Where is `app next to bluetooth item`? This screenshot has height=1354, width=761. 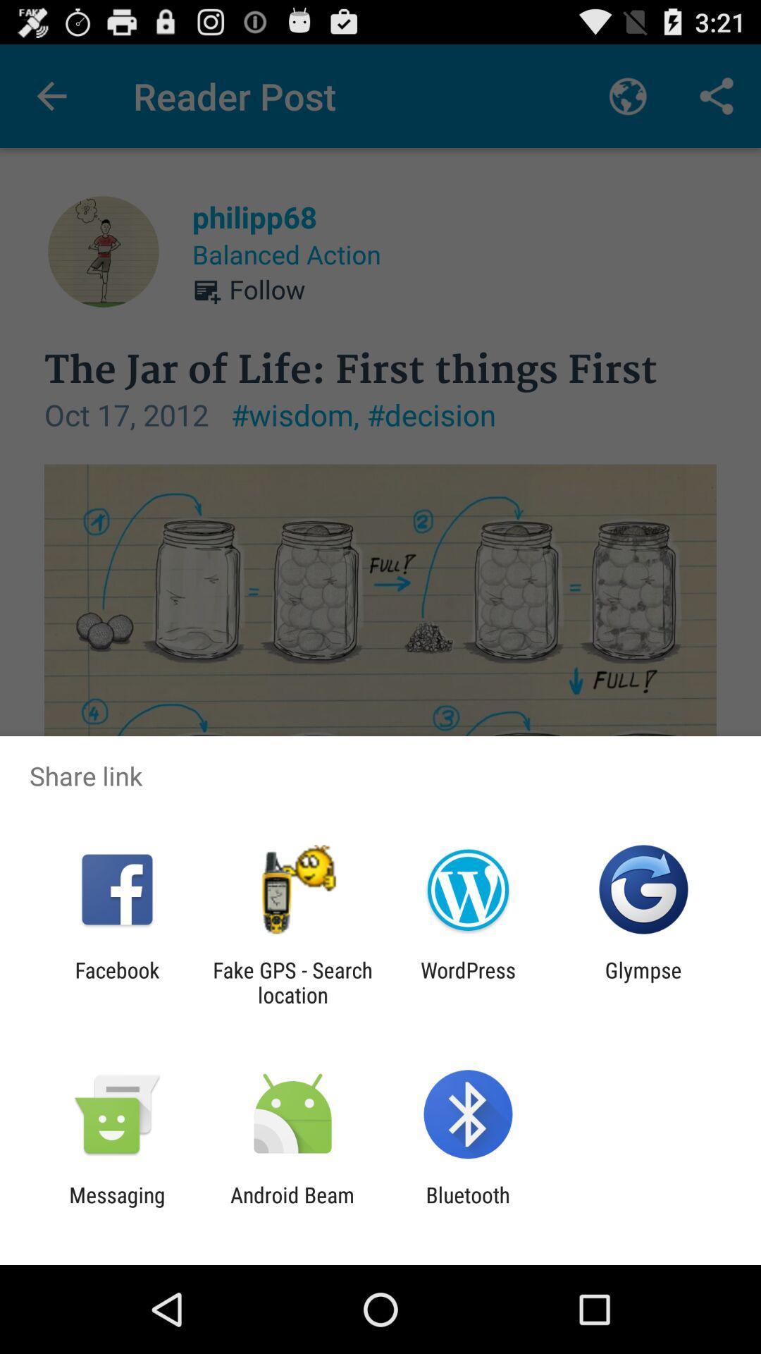
app next to bluetooth item is located at coordinates (292, 1207).